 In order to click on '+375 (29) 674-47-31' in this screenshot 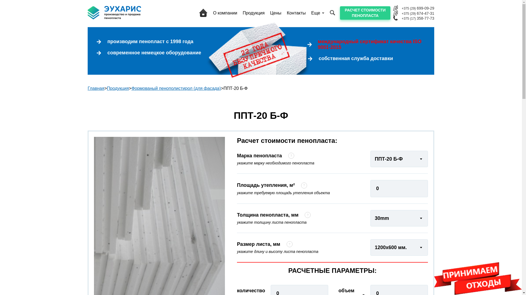, I will do `click(416, 13)`.